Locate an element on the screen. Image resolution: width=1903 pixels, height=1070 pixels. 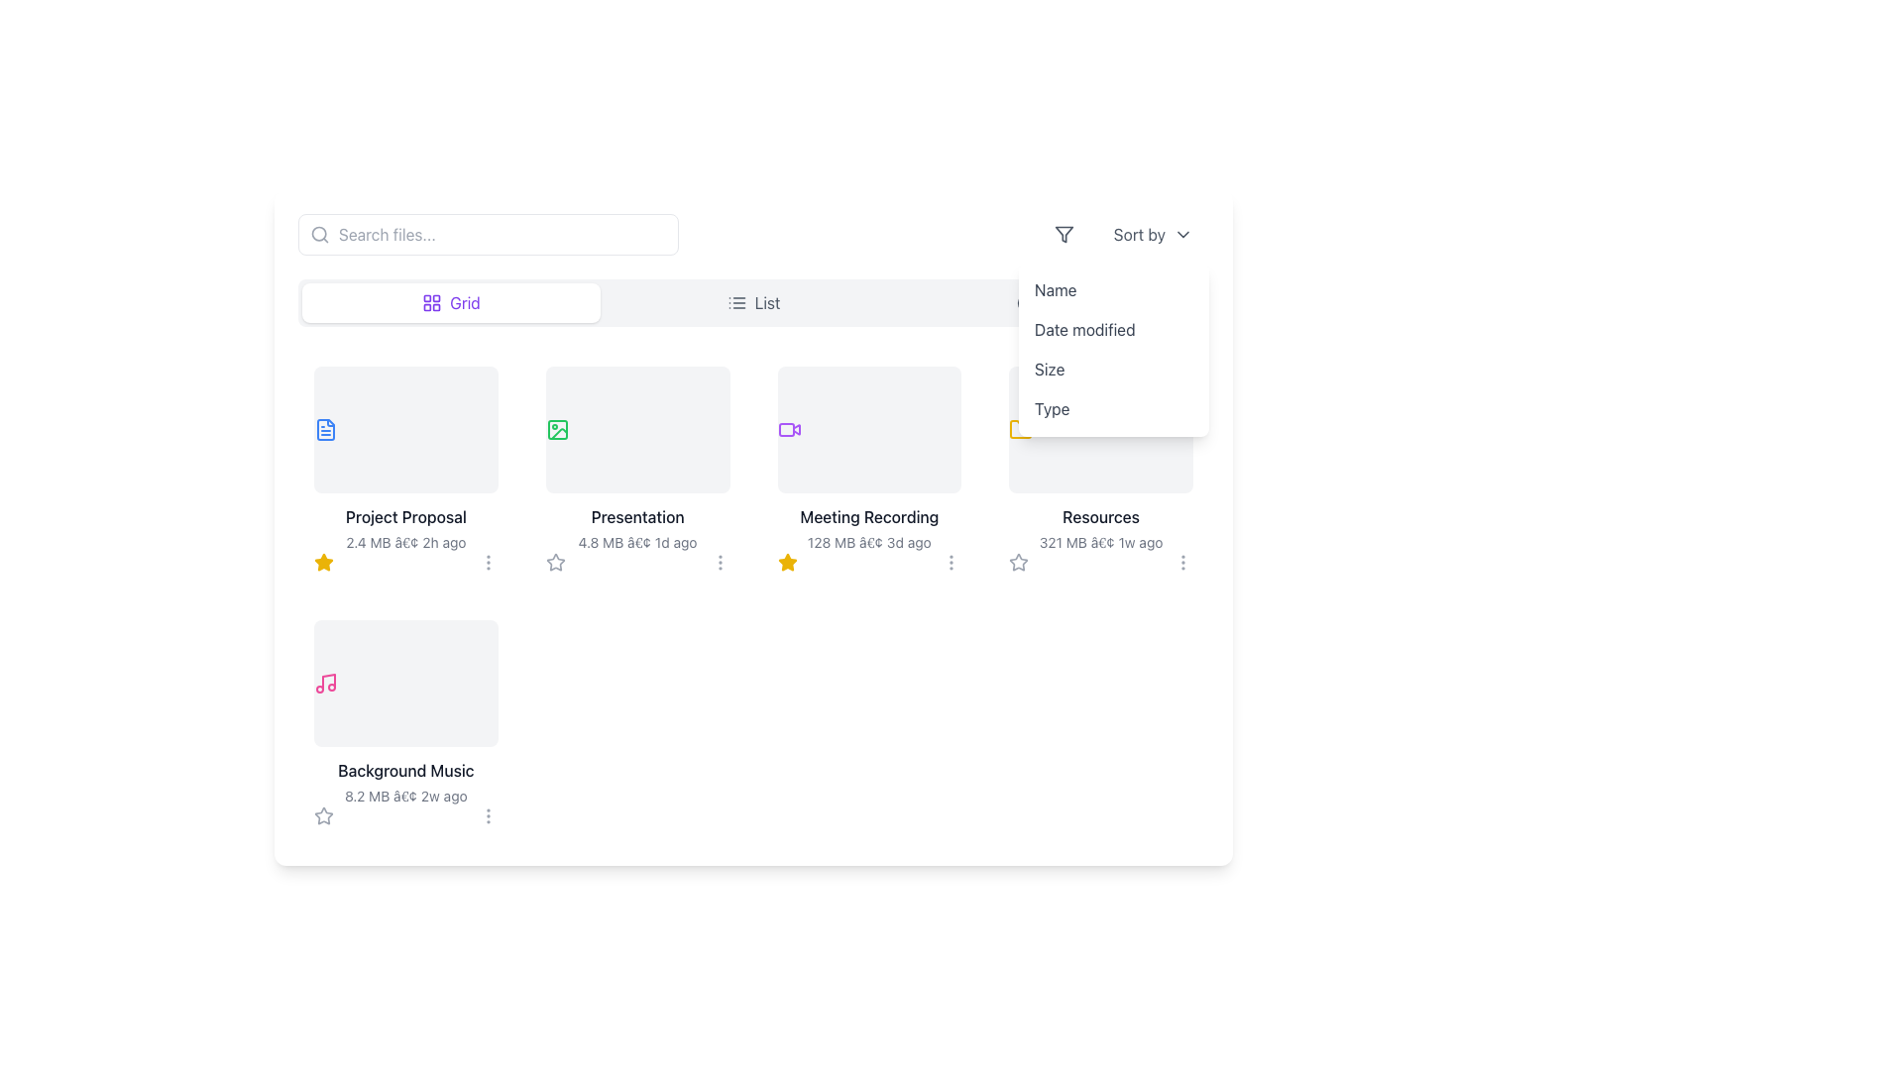
the 'List' toggle icon is located at coordinates (735, 302).